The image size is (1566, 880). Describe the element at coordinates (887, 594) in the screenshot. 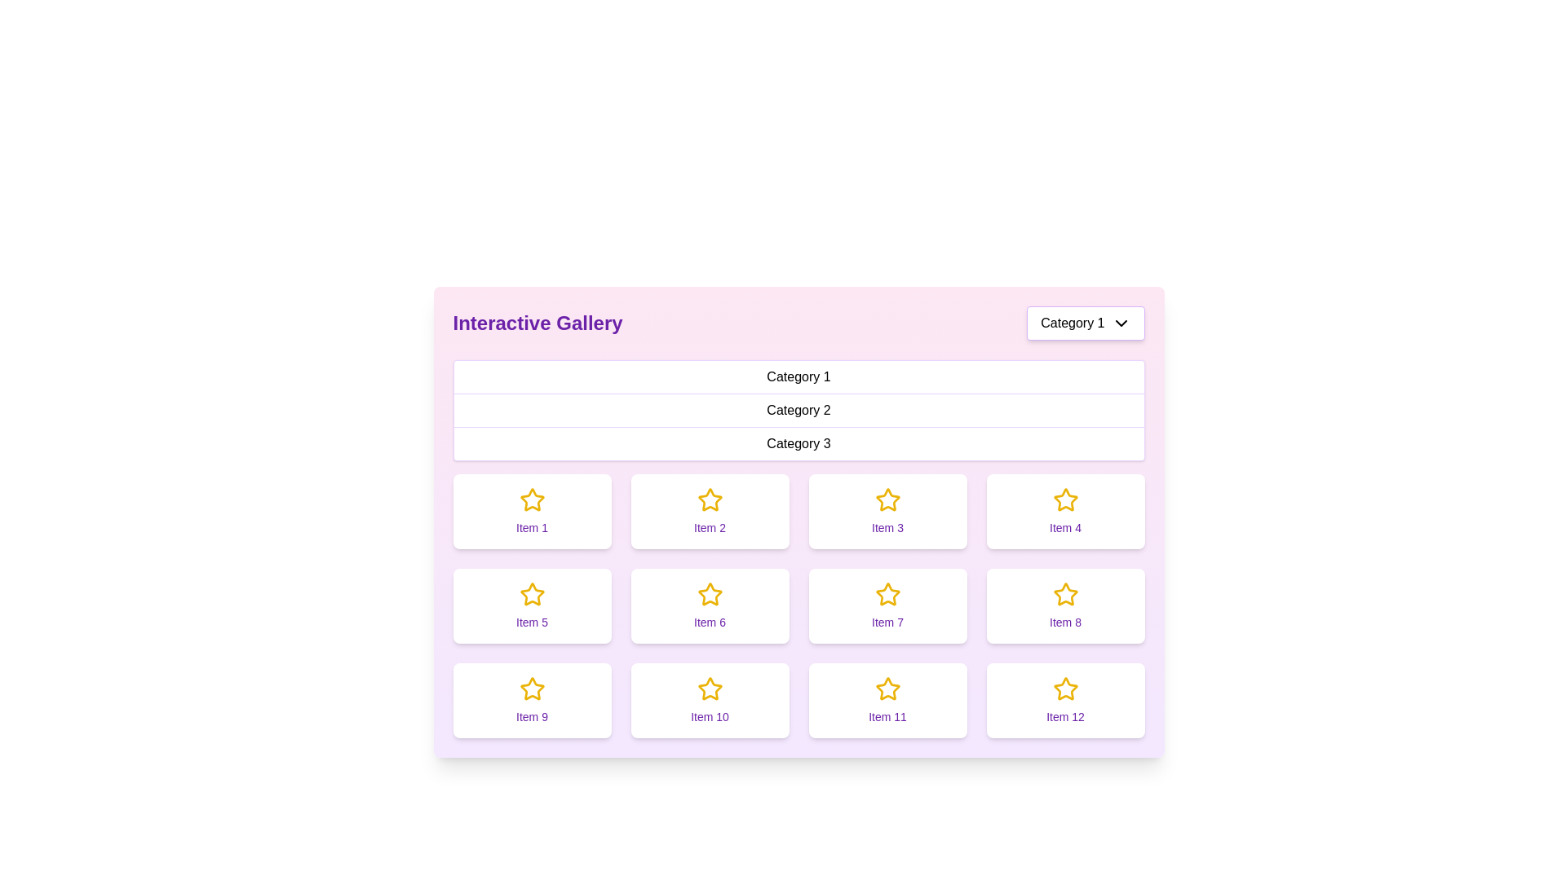

I see `the star icon representing the rating or favorite marker for the card labeled 'Item 7', located in the second row and third column of the grid` at that location.